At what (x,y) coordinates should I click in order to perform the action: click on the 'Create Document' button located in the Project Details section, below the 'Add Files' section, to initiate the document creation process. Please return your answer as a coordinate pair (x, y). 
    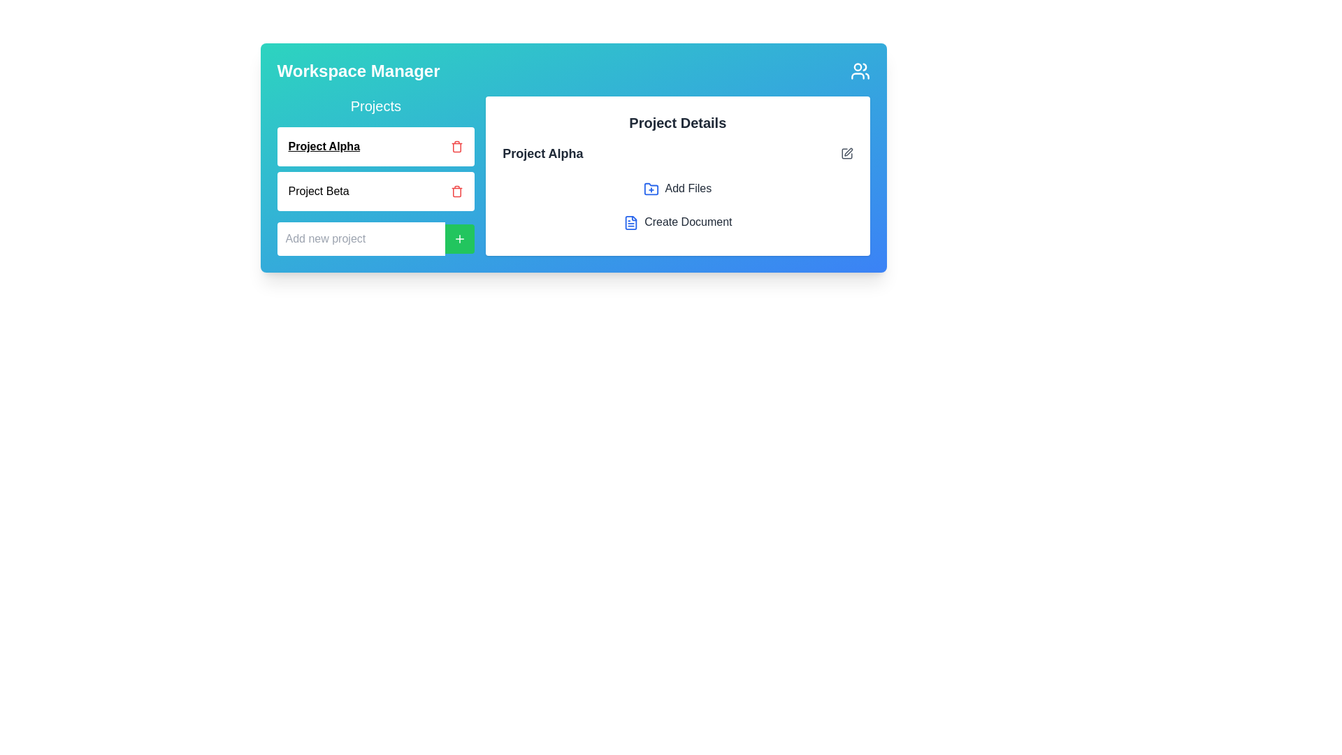
    Looking at the image, I should click on (677, 221).